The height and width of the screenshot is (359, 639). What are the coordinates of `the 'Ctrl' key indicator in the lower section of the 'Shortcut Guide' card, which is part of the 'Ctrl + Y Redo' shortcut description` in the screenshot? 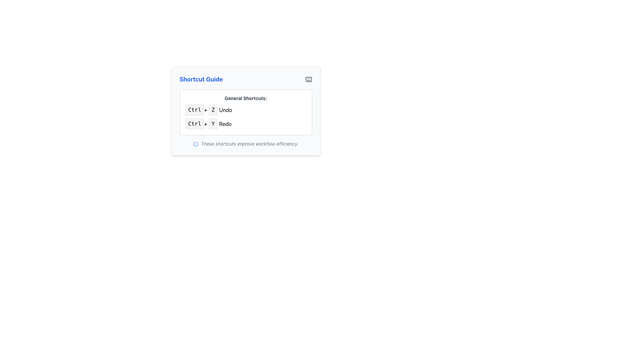 It's located at (194, 124).